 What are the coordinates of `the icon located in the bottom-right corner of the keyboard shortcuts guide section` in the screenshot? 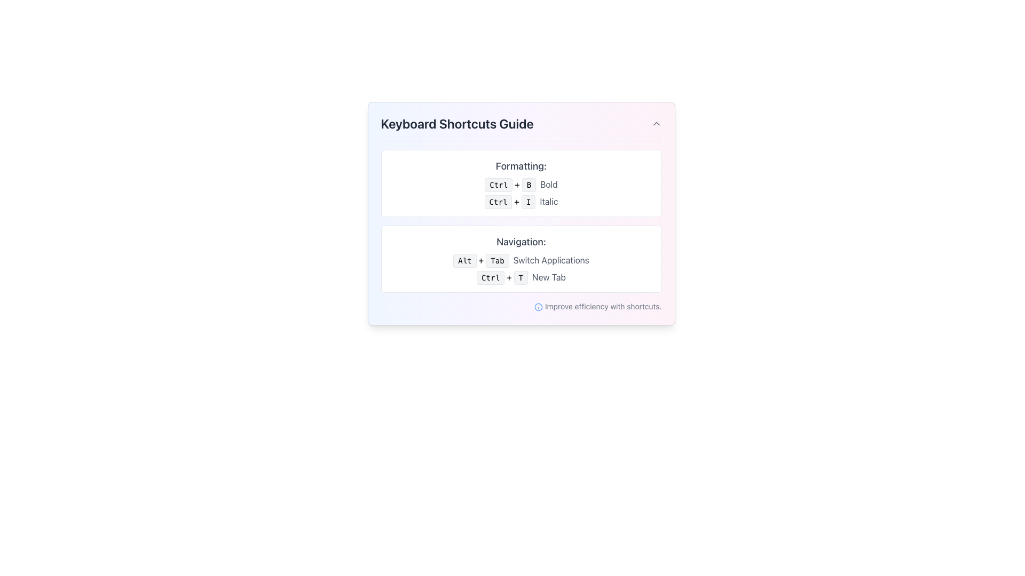 It's located at (538, 307).